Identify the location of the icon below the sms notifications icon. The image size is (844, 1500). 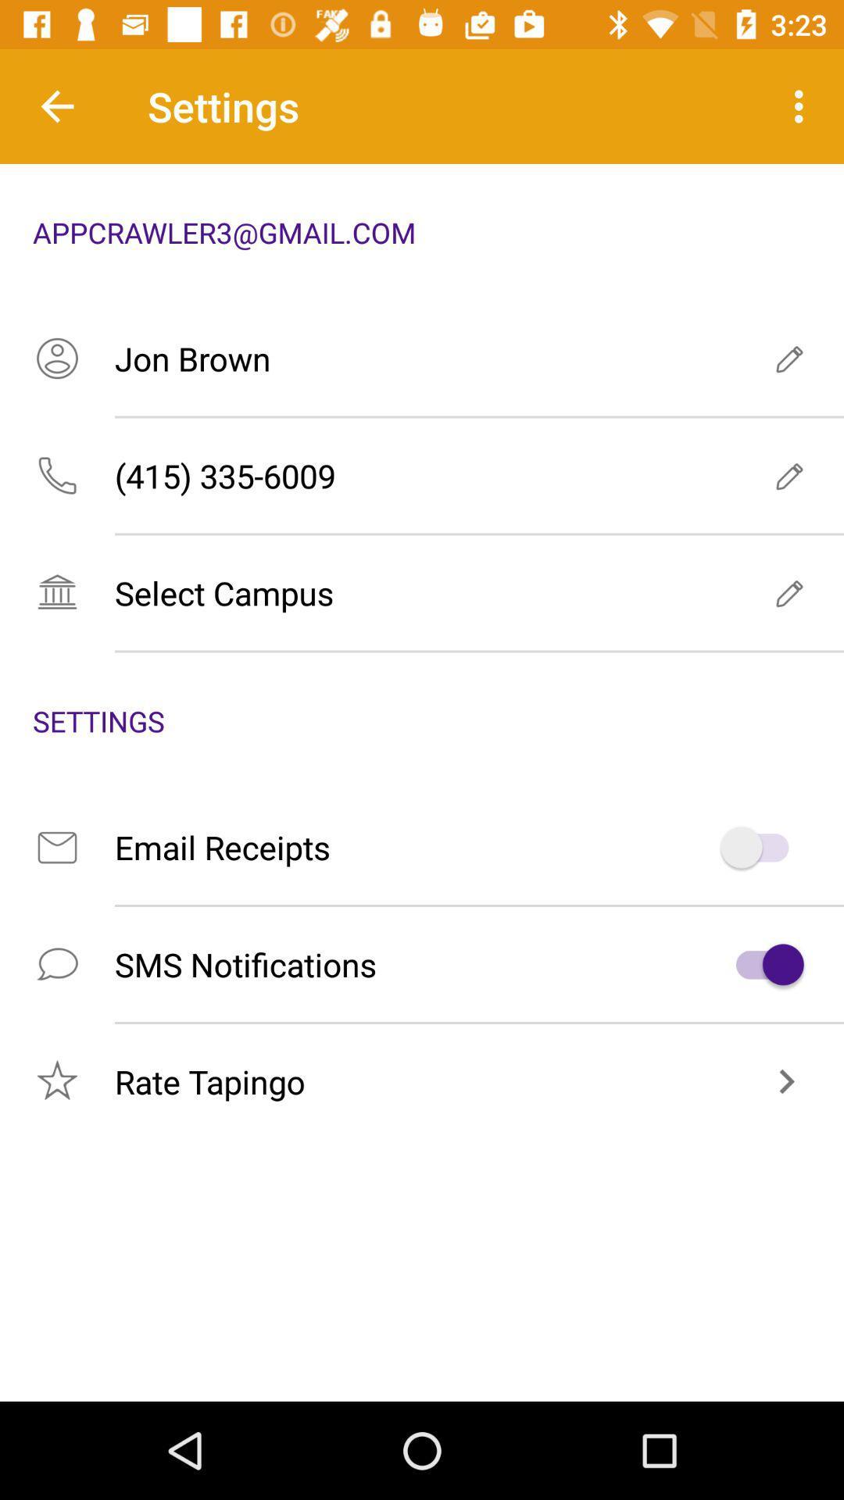
(422, 1080).